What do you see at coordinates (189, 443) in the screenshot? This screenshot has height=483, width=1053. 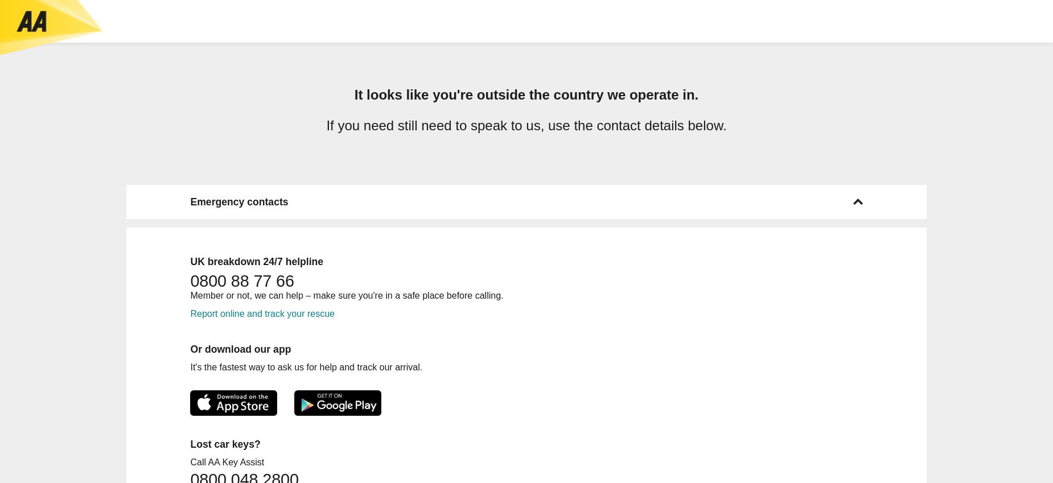 I see `'Lost car keys?'` at bounding box center [189, 443].